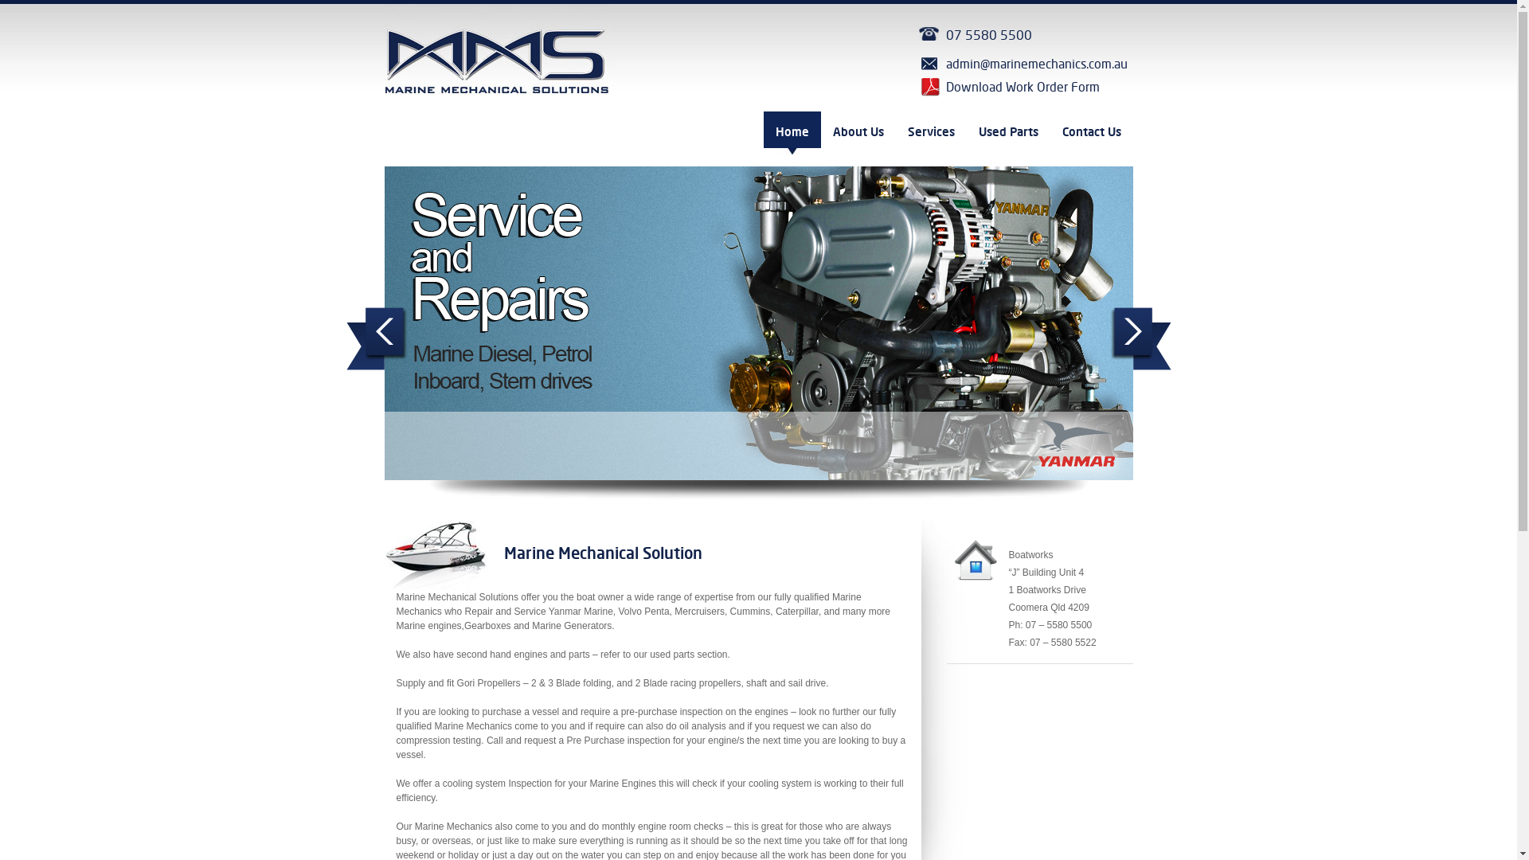 Image resolution: width=1529 pixels, height=860 pixels. Describe the element at coordinates (1024, 88) in the screenshot. I see `'Download Work Order Form'` at that location.